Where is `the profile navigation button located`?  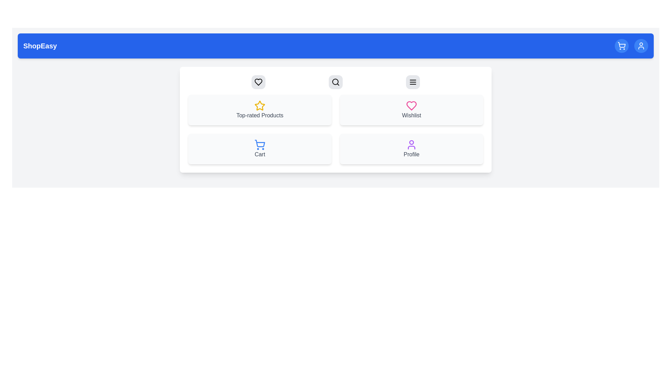 the profile navigation button located is located at coordinates (641, 46).